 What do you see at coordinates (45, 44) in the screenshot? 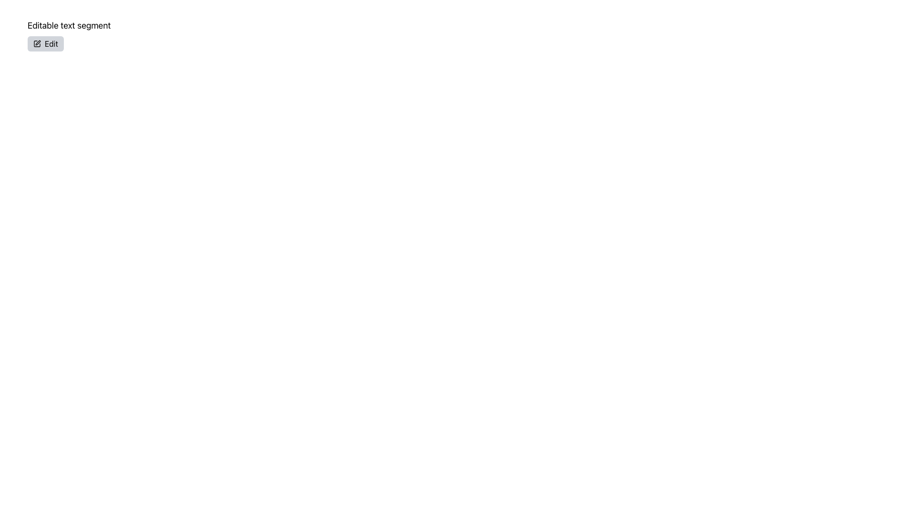
I see `the 'Edit' button with a gray background and a pen icon` at bounding box center [45, 44].